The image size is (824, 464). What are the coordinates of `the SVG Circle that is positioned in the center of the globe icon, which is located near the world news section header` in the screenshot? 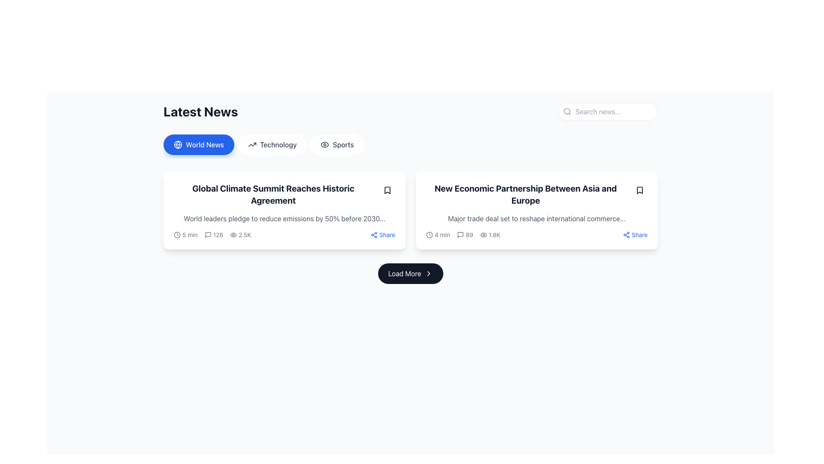 It's located at (177, 144).